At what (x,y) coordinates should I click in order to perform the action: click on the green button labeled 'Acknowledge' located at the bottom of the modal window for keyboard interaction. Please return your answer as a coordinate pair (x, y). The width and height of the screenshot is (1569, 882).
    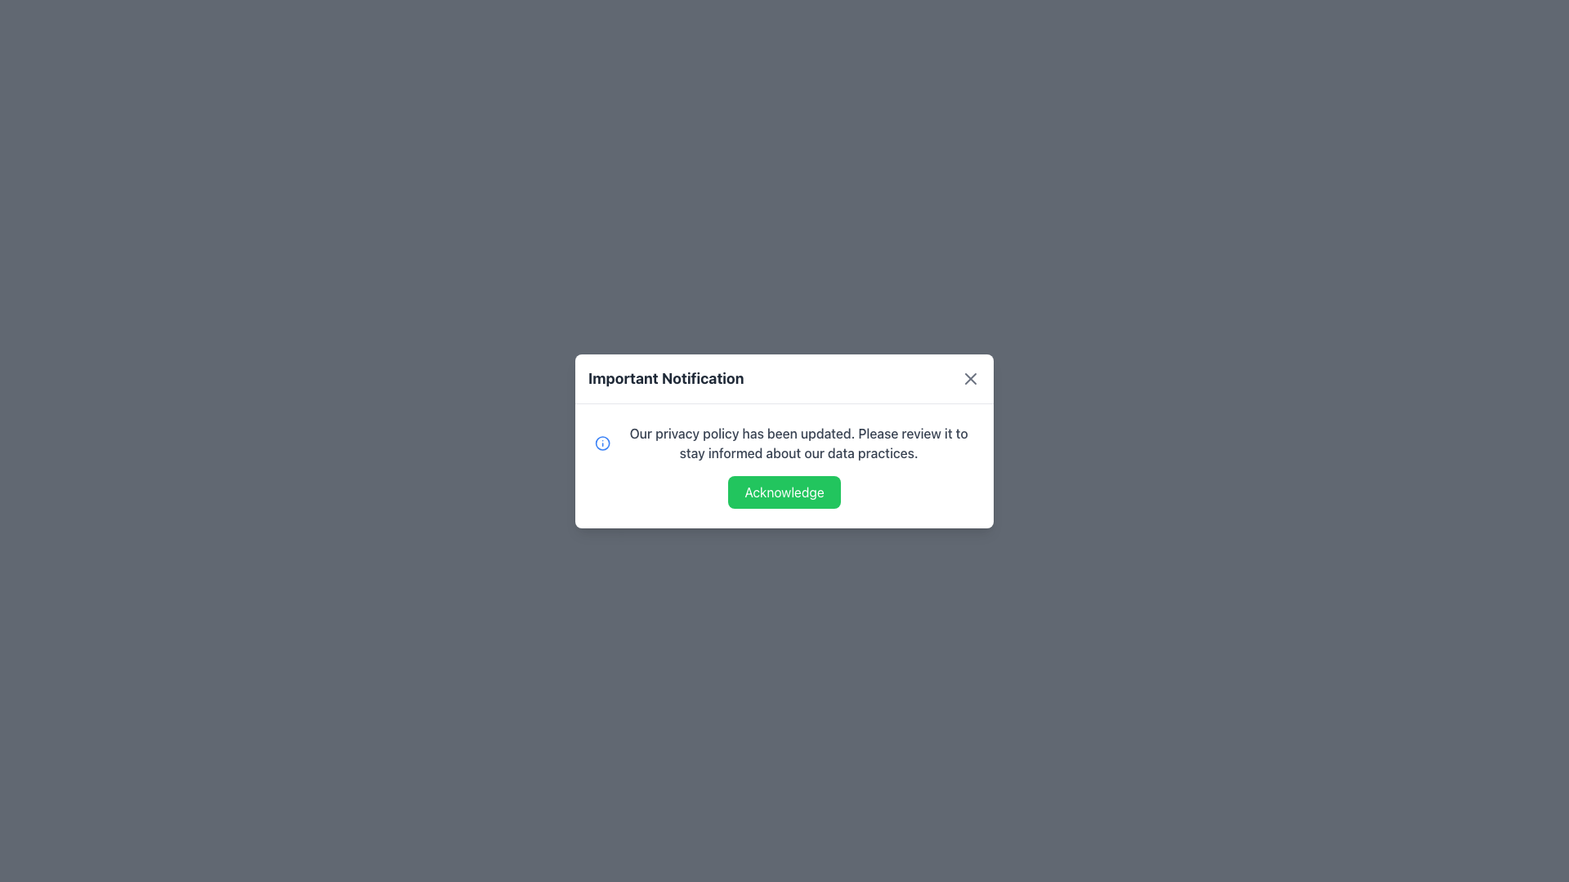
    Looking at the image, I should click on (784, 491).